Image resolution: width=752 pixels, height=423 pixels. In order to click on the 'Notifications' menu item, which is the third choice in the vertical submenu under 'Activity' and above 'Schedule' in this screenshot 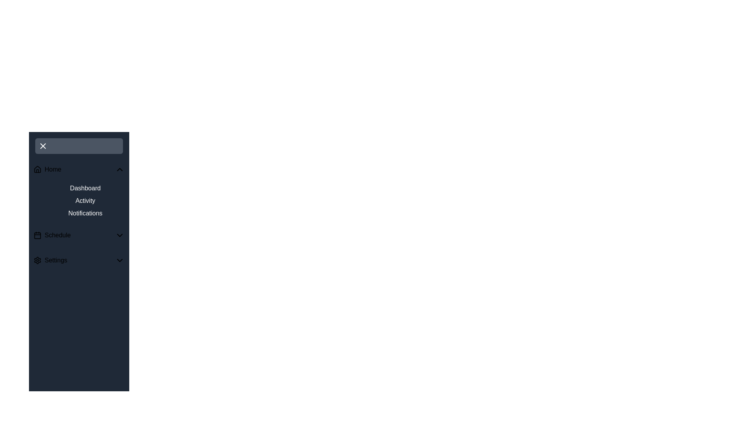, I will do `click(85, 213)`.